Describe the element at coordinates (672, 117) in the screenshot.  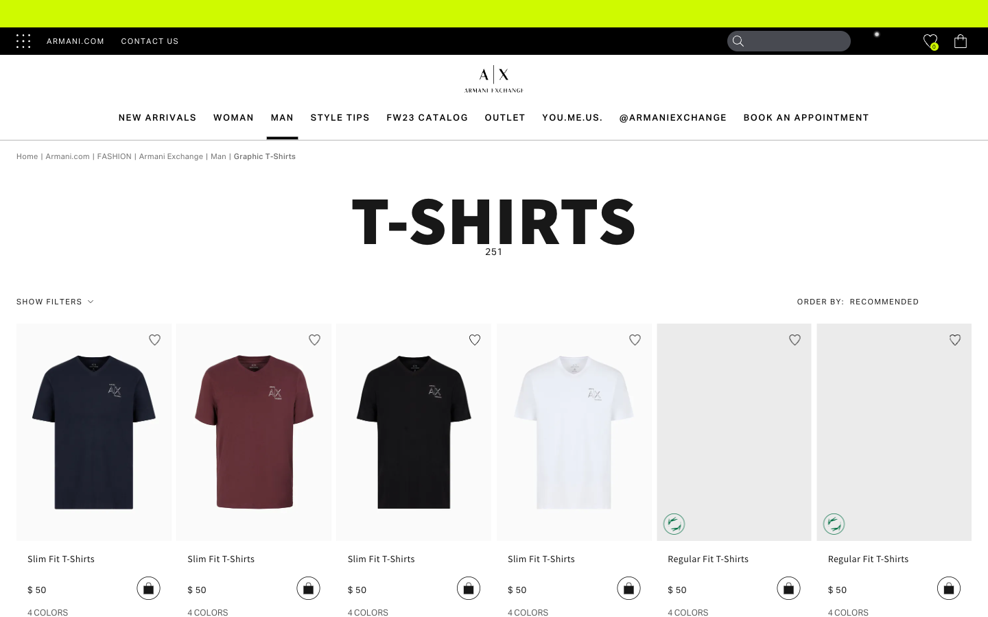
I see `the @ArmaniExchange tab by clicking on it from the top menu` at that location.